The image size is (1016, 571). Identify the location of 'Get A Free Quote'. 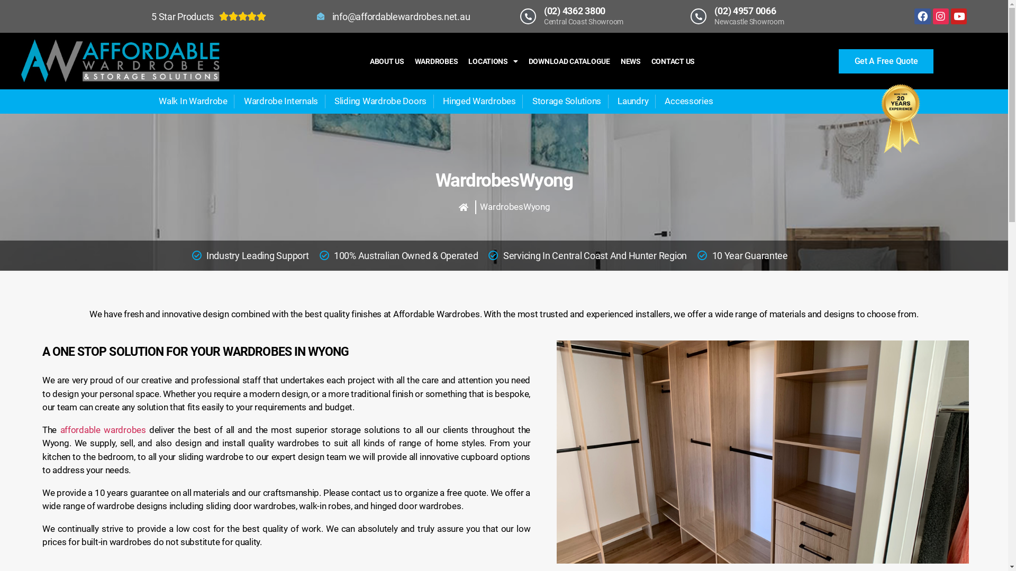
(886, 61).